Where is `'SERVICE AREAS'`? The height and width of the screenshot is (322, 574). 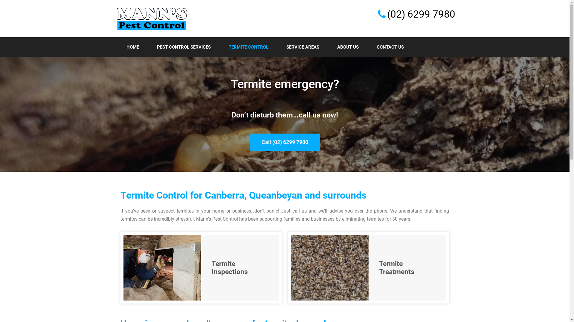
'SERVICE AREAS' is located at coordinates (303, 47).